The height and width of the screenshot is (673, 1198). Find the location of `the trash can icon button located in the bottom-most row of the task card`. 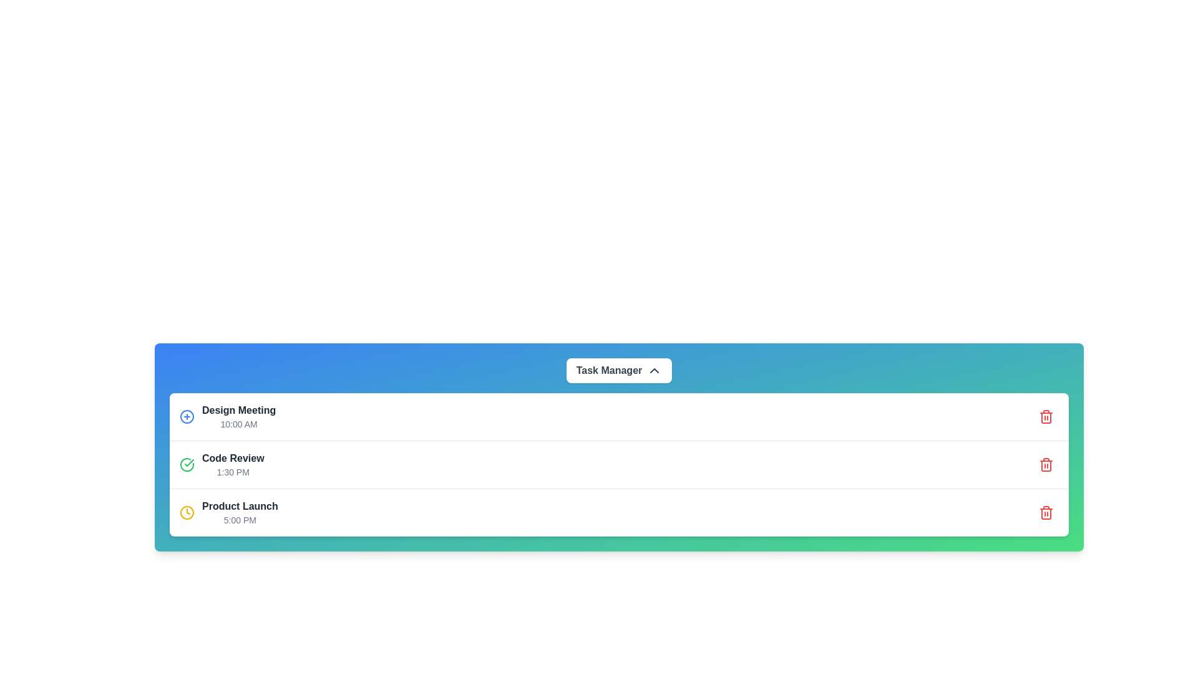

the trash can icon button located in the bottom-most row of the task card is located at coordinates (1046, 512).